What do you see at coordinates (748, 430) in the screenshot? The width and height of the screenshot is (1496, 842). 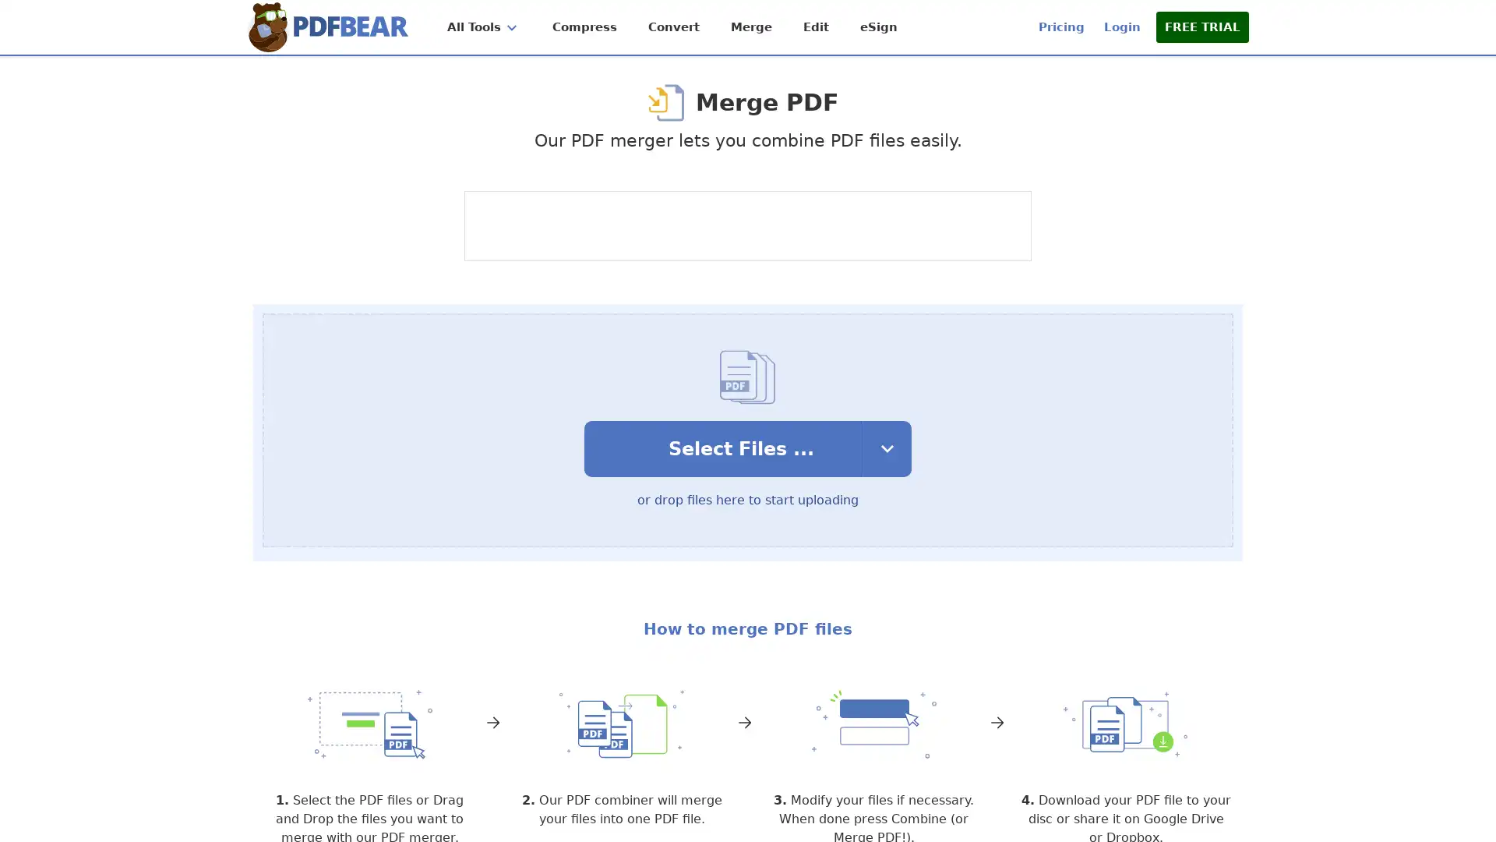 I see `Select Files ... select upload Options dropdown or drop files here to start uploading` at bounding box center [748, 430].